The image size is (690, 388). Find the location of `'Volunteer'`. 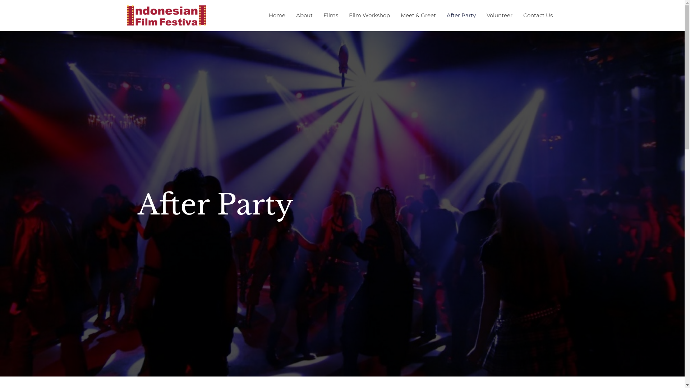

'Volunteer' is located at coordinates (498, 15).